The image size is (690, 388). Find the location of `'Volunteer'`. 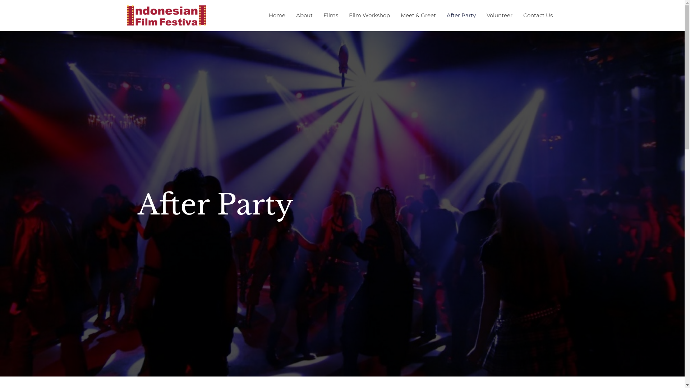

'Volunteer' is located at coordinates (498, 15).